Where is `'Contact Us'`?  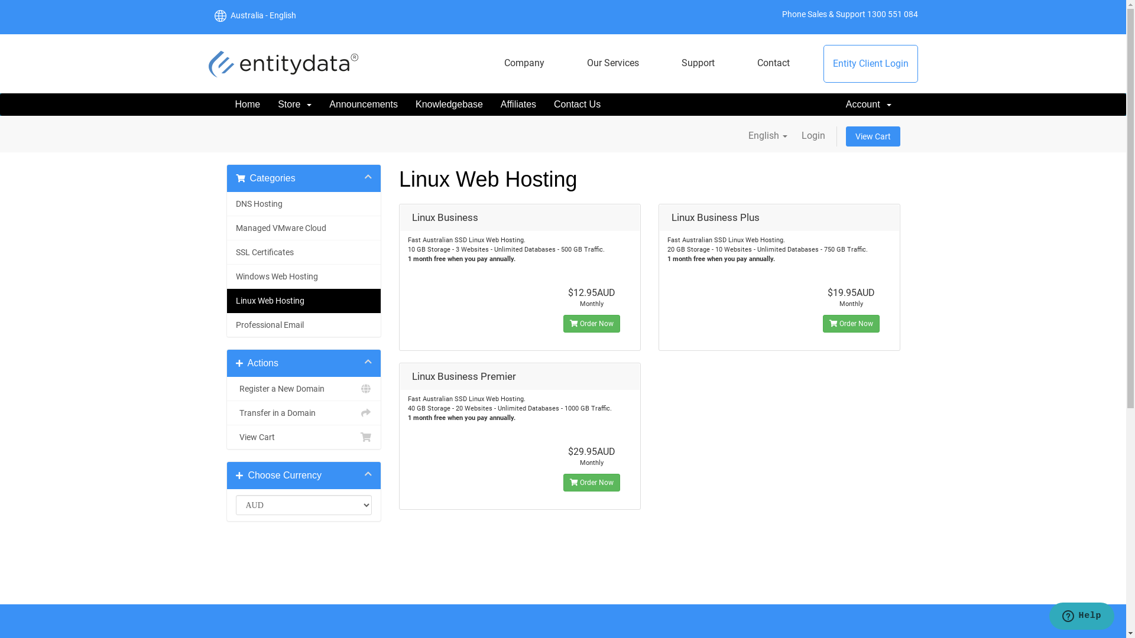
'Contact Us' is located at coordinates (577, 104).